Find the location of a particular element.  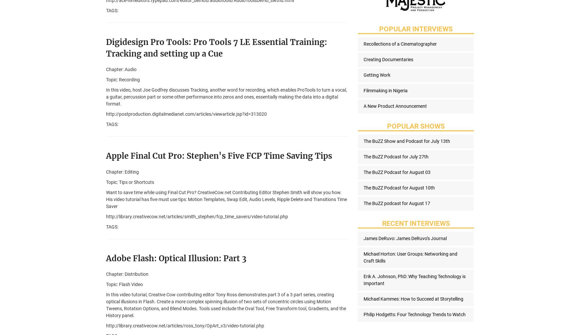

'Apple Final Cut Pro: Stephen's Five FCP Time Saving Tips' is located at coordinates (218, 155).